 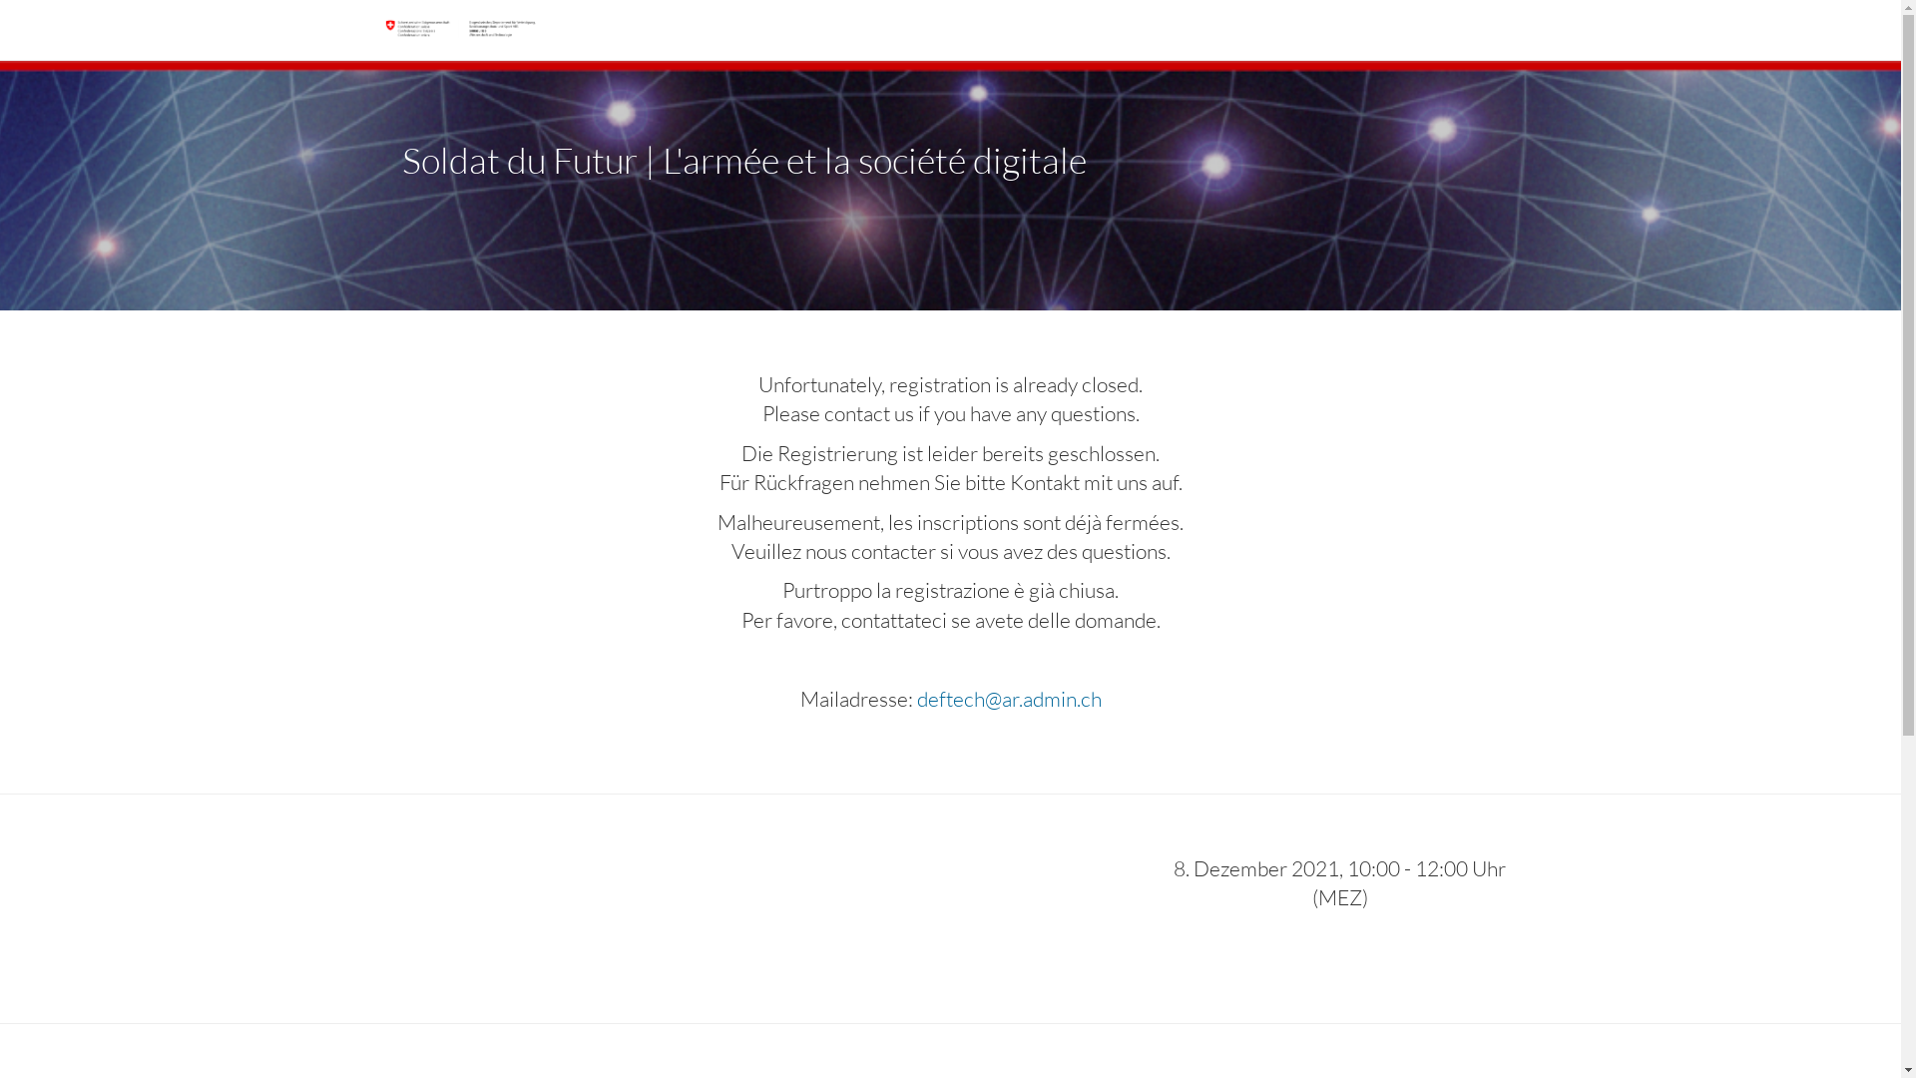 What do you see at coordinates (914, 697) in the screenshot?
I see `'deftech@ar.admin.ch'` at bounding box center [914, 697].